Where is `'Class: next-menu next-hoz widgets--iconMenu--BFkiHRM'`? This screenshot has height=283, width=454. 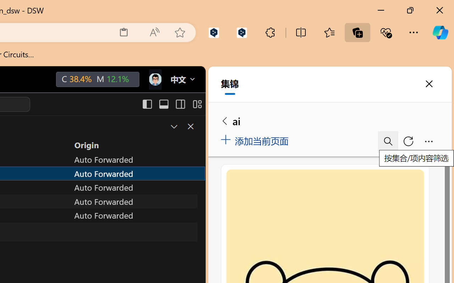
'Class: next-menu next-hoz widgets--iconMenu--BFkiHRM' is located at coordinates (154, 80).